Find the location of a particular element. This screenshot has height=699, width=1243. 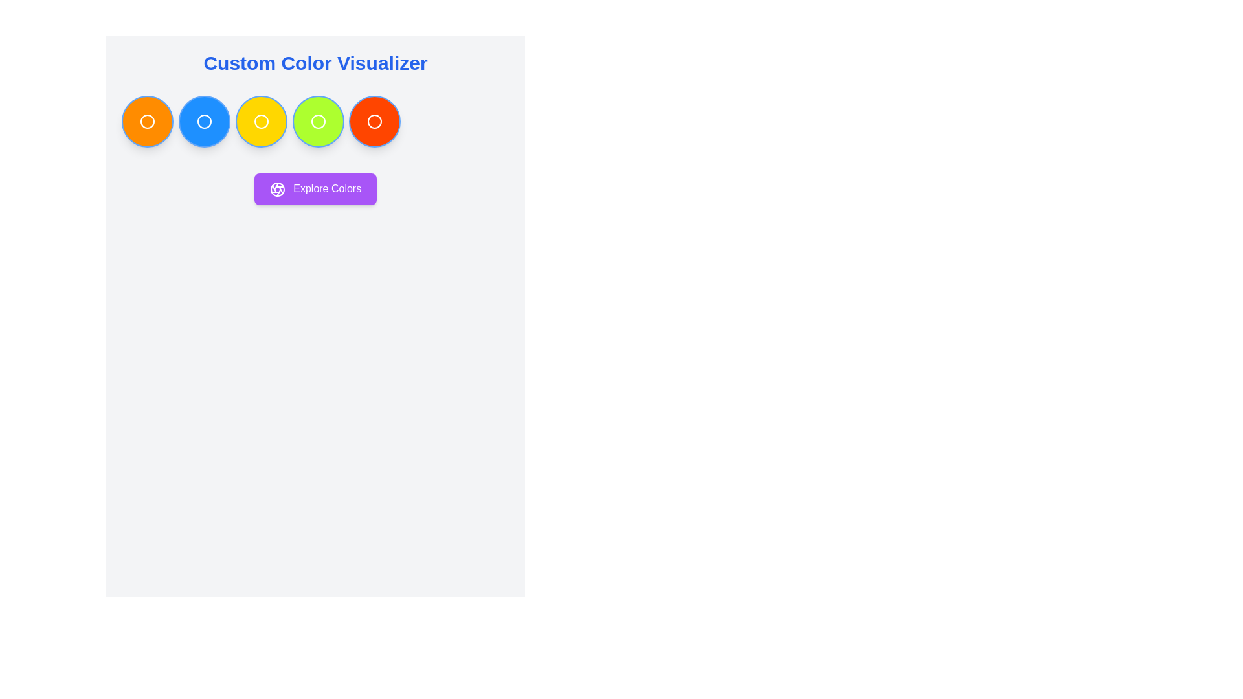

the circular outline icon located within the fifth button from the left is located at coordinates (374, 122).